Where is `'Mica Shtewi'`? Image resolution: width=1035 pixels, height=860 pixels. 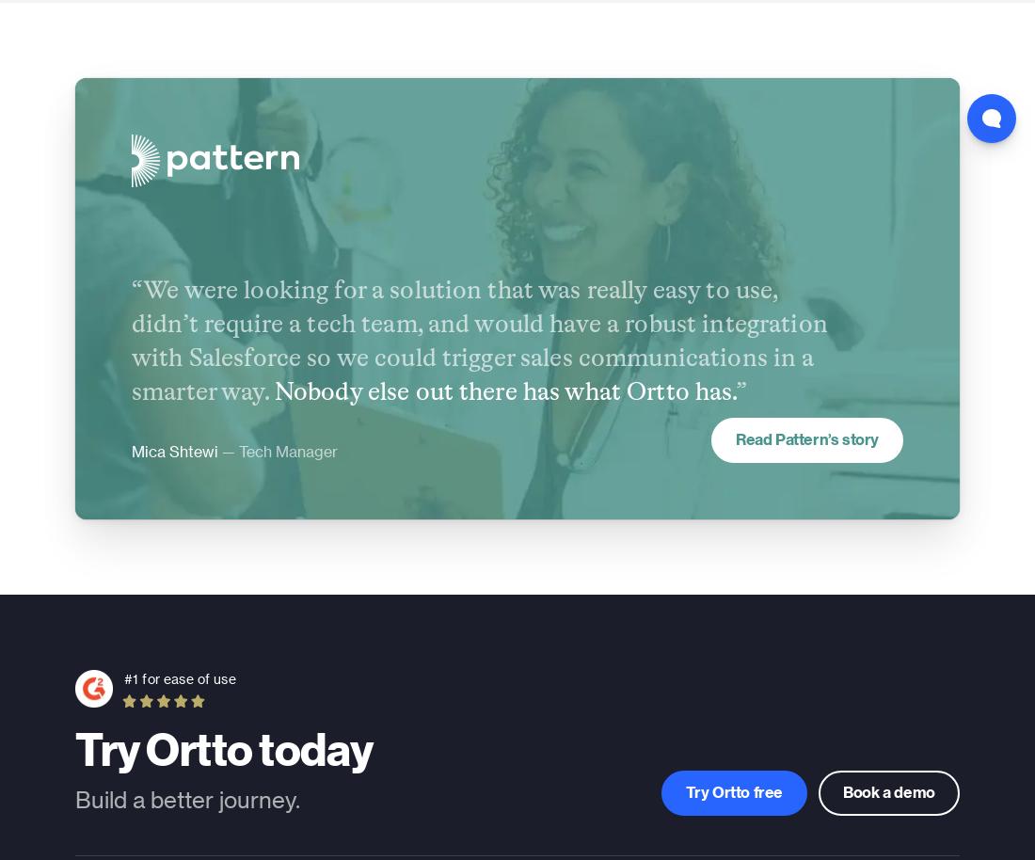
'Mica Shtewi' is located at coordinates (174, 451).